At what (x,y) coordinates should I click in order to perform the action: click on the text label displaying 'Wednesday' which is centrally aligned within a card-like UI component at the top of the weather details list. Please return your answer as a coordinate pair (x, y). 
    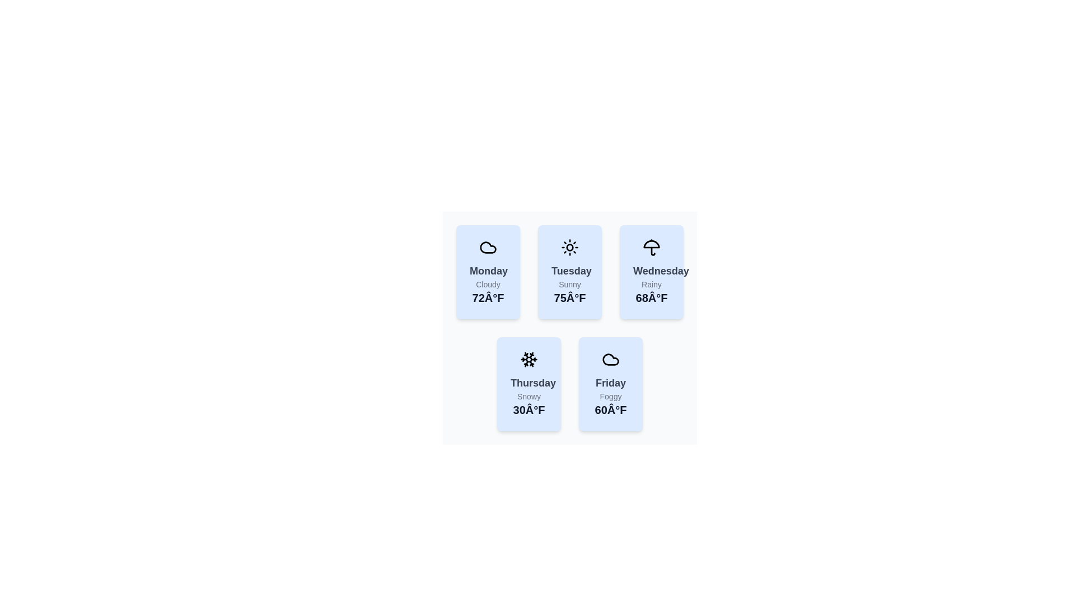
    Looking at the image, I should click on (651, 271).